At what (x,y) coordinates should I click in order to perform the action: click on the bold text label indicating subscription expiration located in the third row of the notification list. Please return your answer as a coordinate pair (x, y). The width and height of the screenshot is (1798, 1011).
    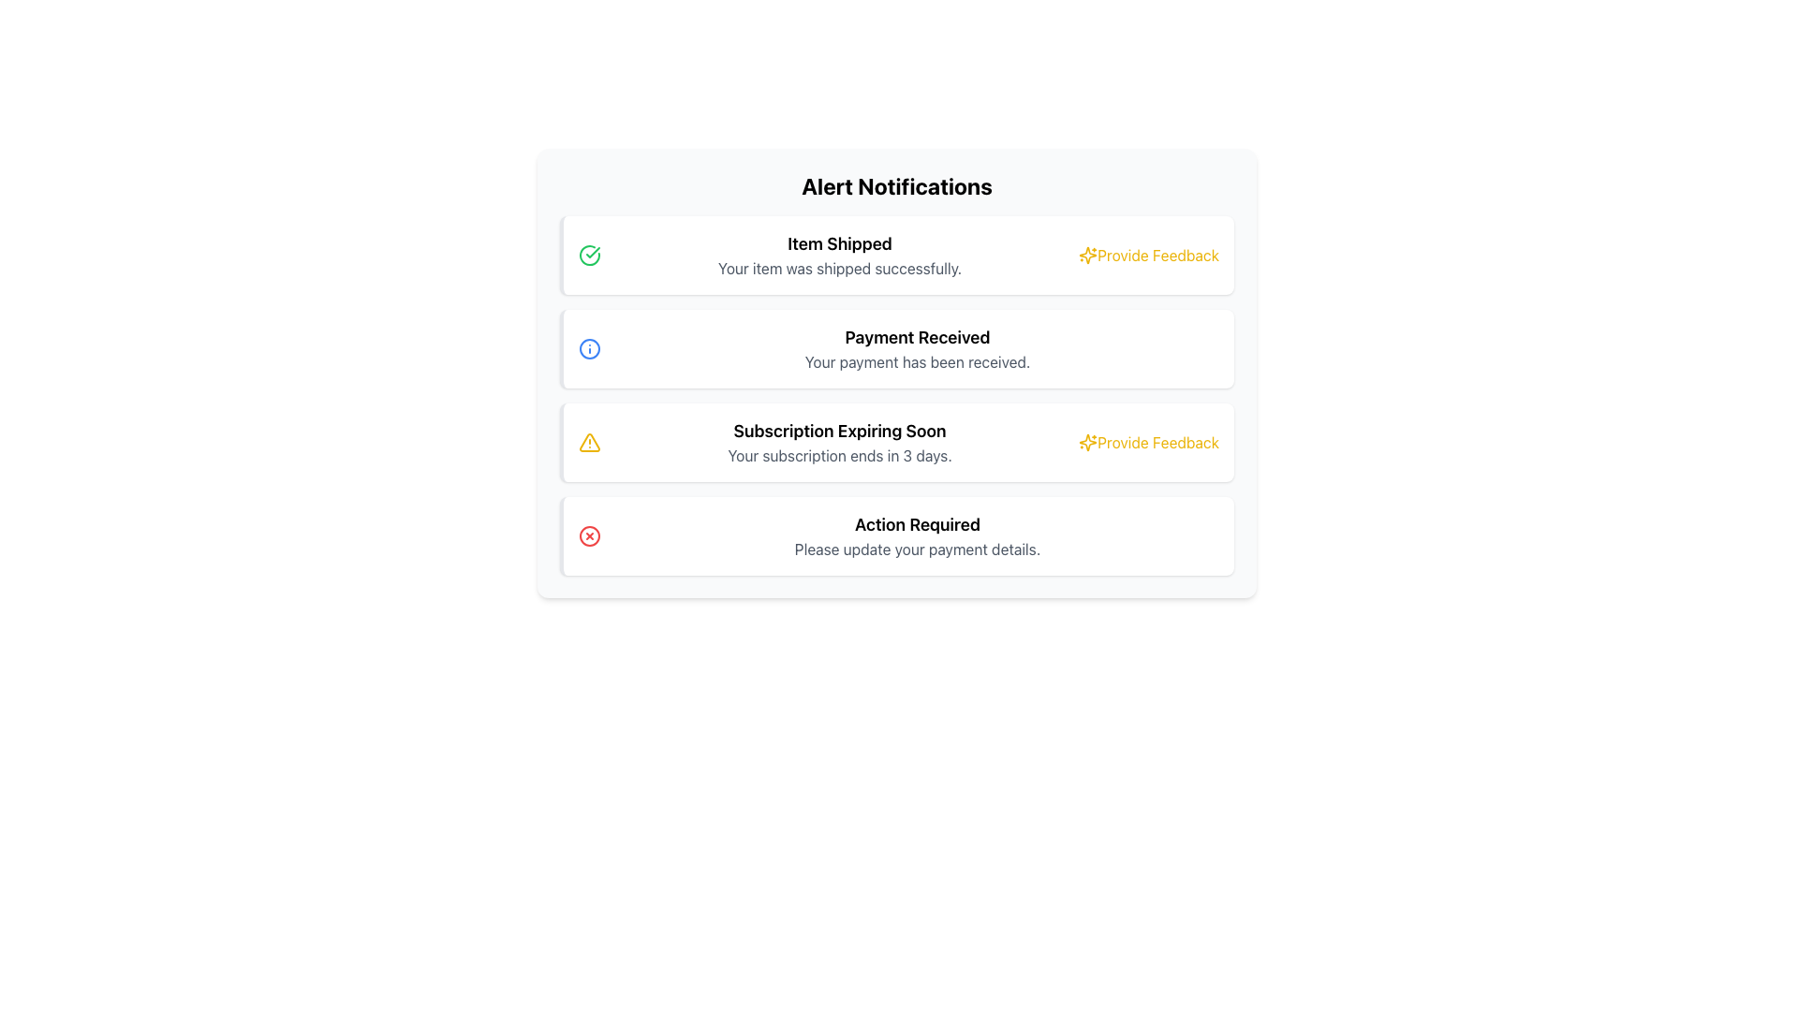
    Looking at the image, I should click on (839, 432).